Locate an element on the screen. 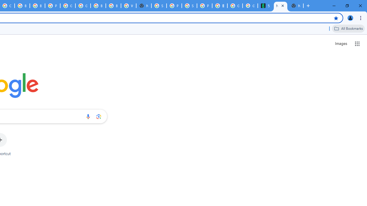 This screenshot has height=206, width=367. 'Browse Chrome as a guest - Computer - Google Chrome Help' is located at coordinates (22, 6).